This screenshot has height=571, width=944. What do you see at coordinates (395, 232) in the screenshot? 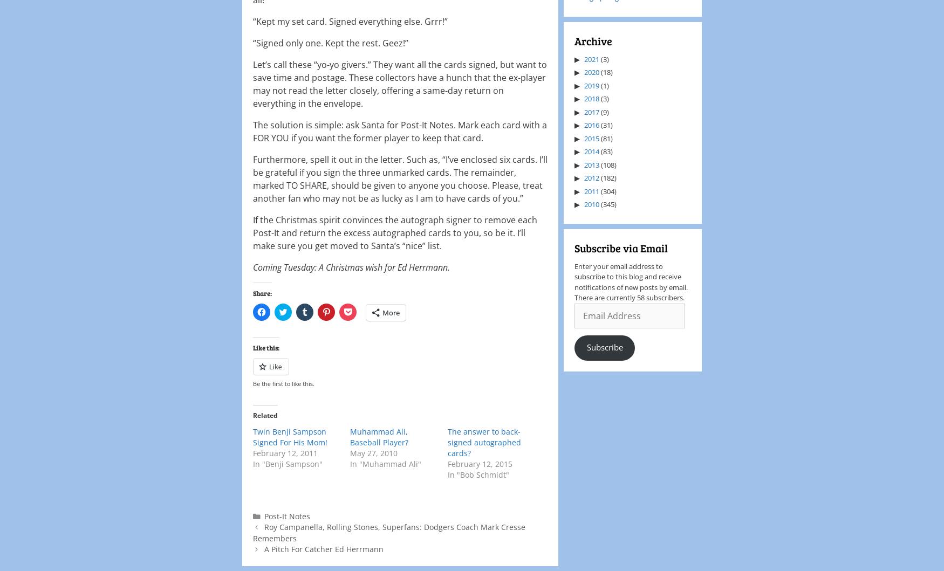
I see `'If the Christmas spirit convinces the autograph signer to remove each Post-It and return the excess autographed cards to you, so be it. I’ll make sure you get moved to Santa’s “nice” list.'` at bounding box center [395, 232].